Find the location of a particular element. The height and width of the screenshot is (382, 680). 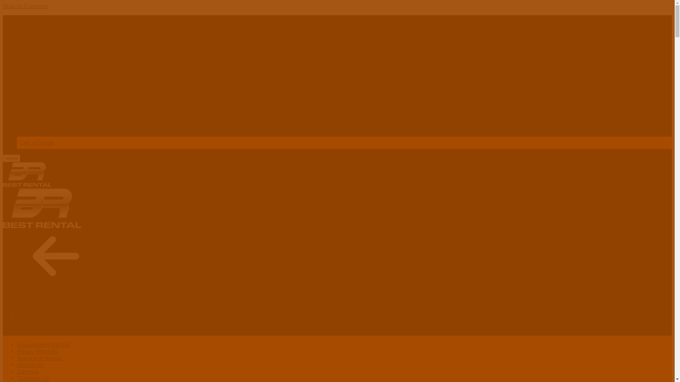

'Maple: 905-303-3900' is located at coordinates (100, 79).